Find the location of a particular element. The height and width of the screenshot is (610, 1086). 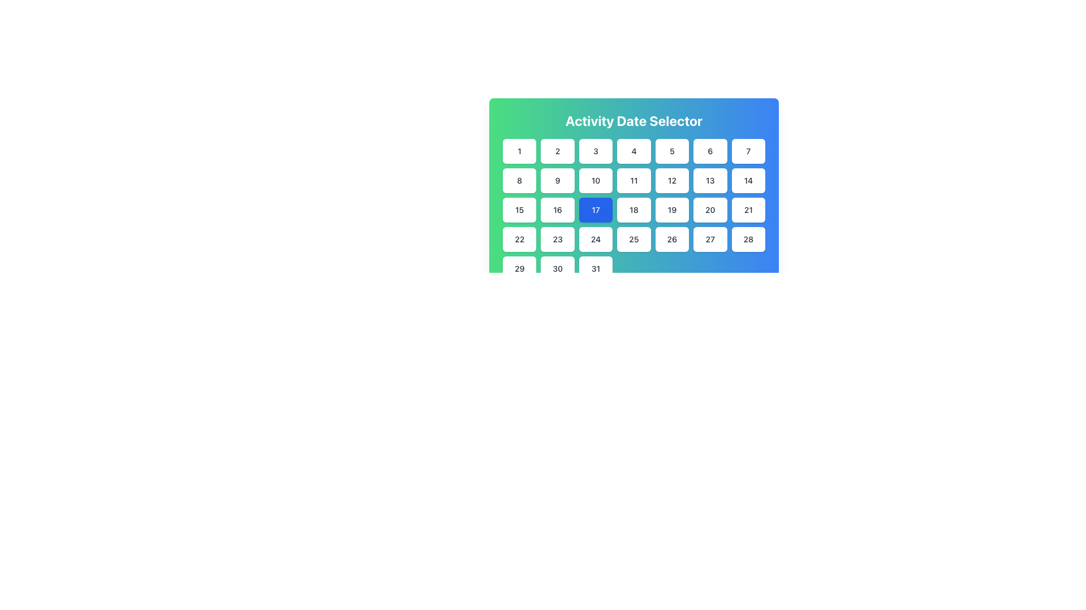

the selectable date button labeled '25' in the fifth row and fourth column of the calendar is located at coordinates (633, 239).